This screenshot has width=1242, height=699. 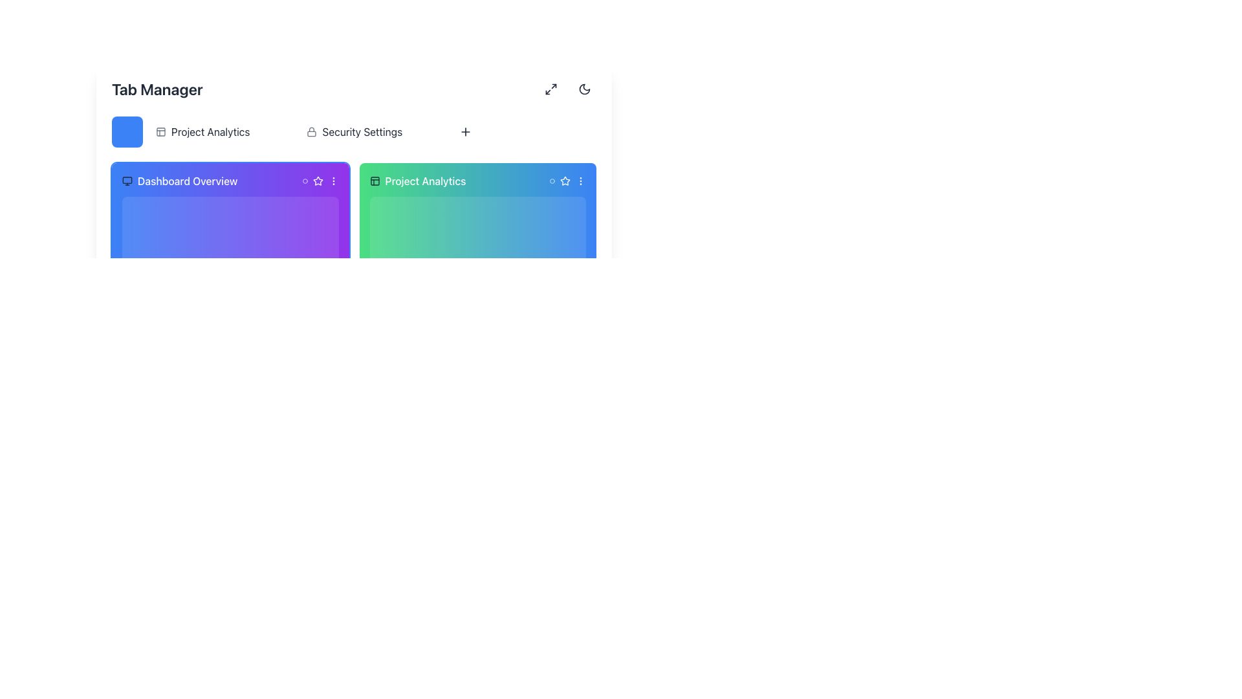 What do you see at coordinates (202, 132) in the screenshot?
I see `the 'Project Analytics' button located above the grid of colored panels, near the 'Tab Manager' heading` at bounding box center [202, 132].